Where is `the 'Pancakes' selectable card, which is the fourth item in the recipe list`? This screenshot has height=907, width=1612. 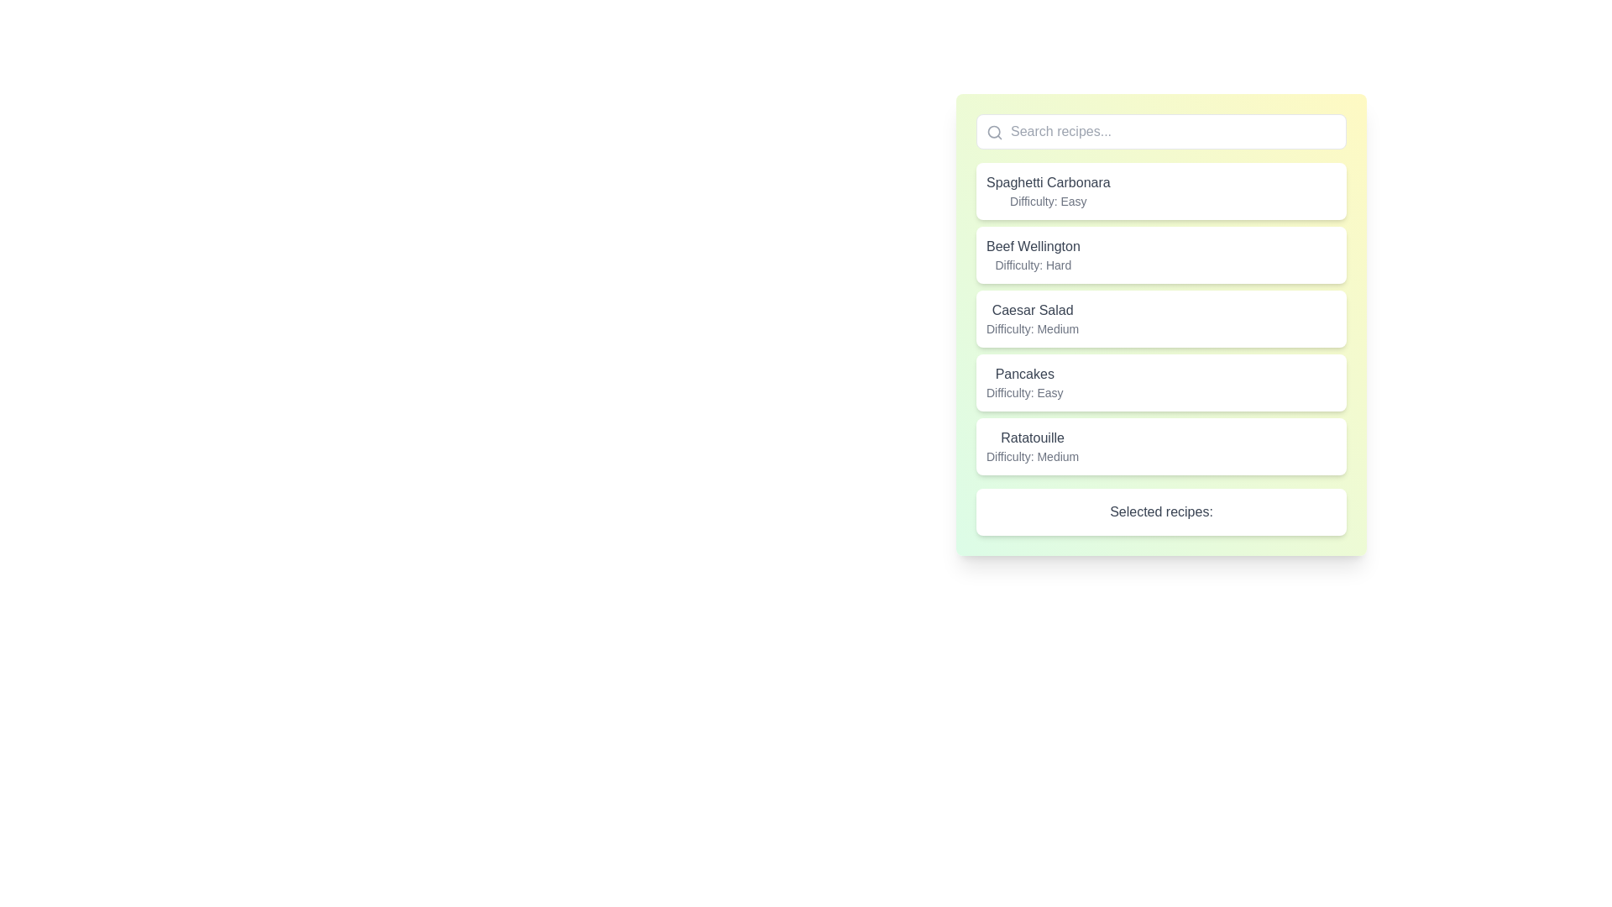
the 'Pancakes' selectable card, which is the fourth item in the recipe list is located at coordinates (1160, 382).